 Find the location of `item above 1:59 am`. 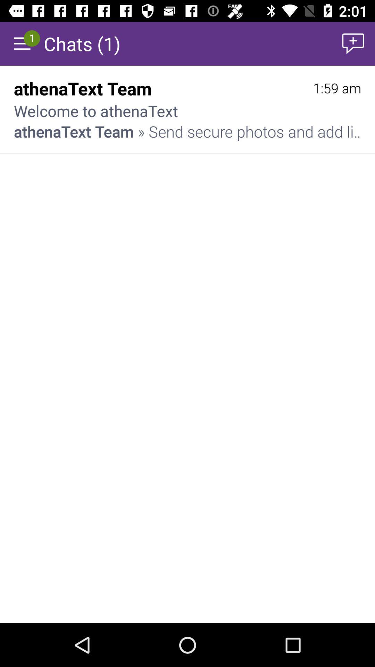

item above 1:59 am is located at coordinates (353, 43).